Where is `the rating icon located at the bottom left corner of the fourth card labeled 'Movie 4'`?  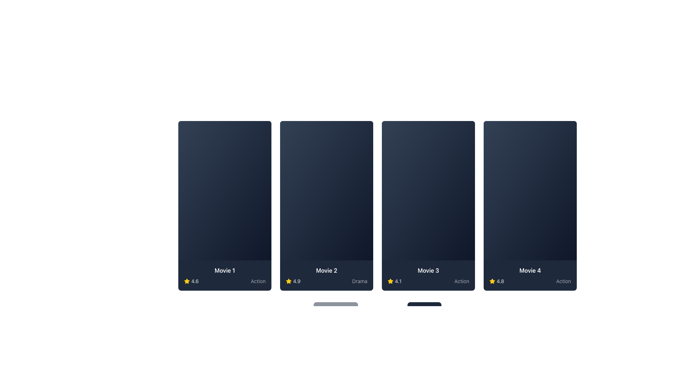
the rating icon located at the bottom left corner of the fourth card labeled 'Movie 4' is located at coordinates (492, 281).